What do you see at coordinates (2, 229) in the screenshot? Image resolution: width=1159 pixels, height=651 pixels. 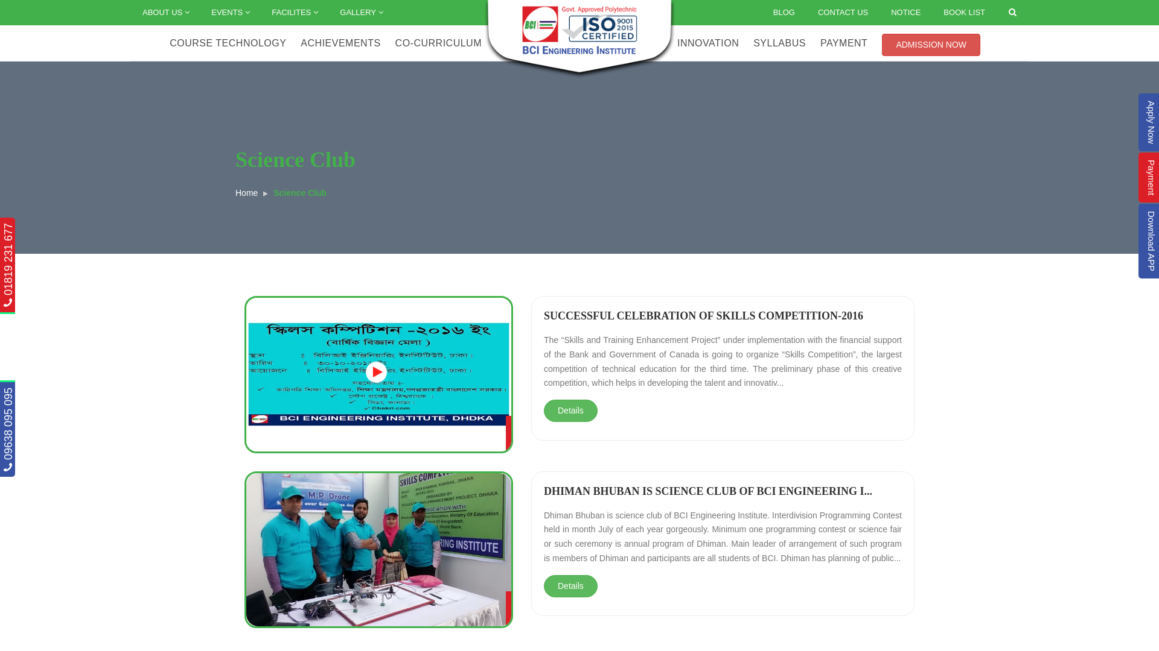 I see `'01819 231 677'` at bounding box center [2, 229].